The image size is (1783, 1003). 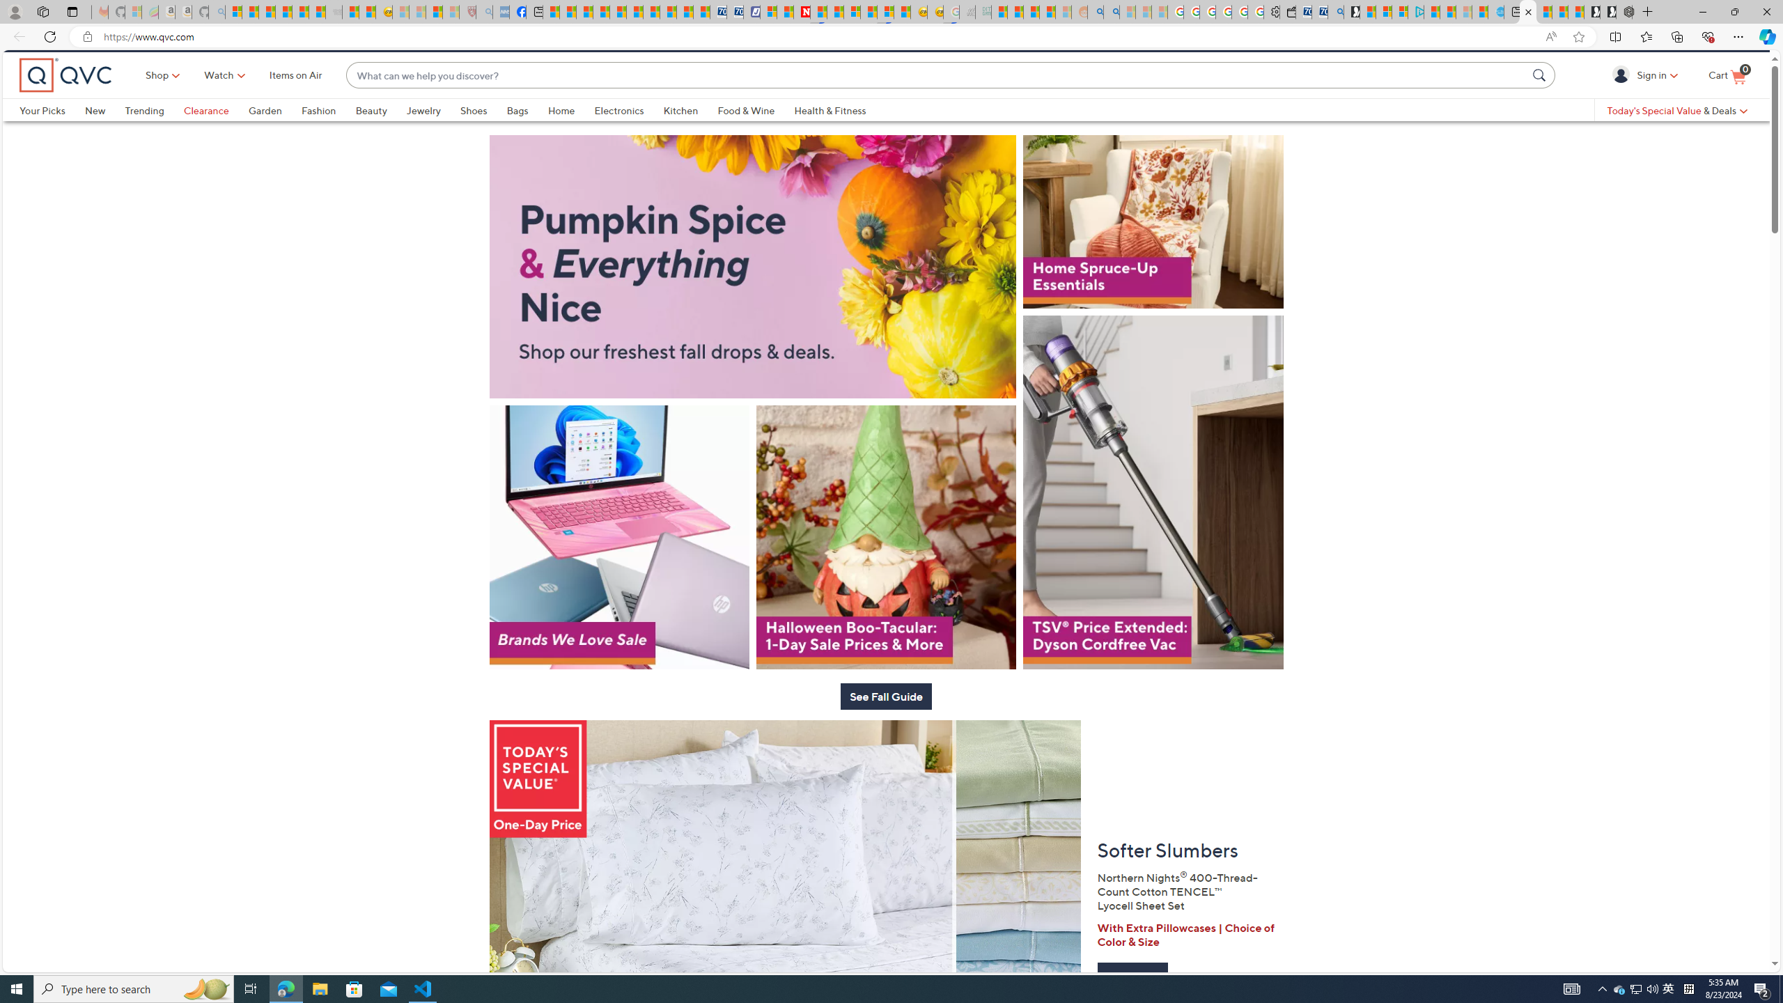 I want to click on 'Home | Sky Blue Bikes - Sky Blue Bikes', so click(x=1495, y=11).